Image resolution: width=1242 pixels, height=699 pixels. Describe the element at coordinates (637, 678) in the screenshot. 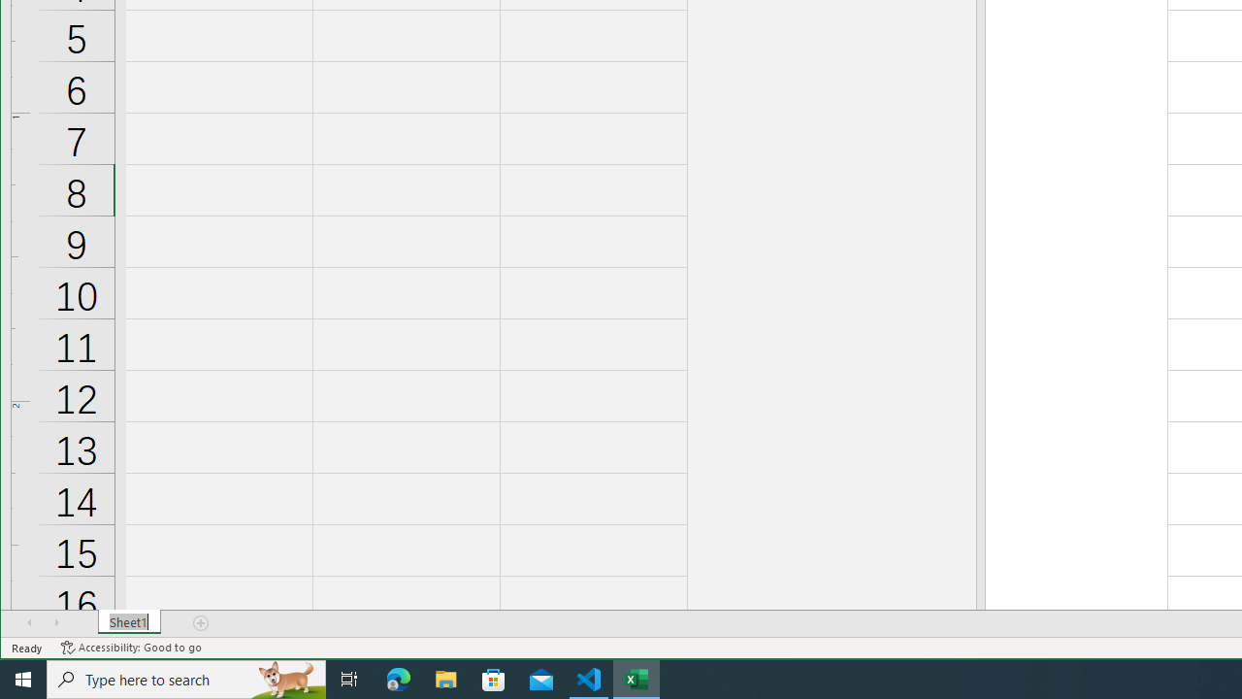

I see `'Excel - 1 running window'` at that location.